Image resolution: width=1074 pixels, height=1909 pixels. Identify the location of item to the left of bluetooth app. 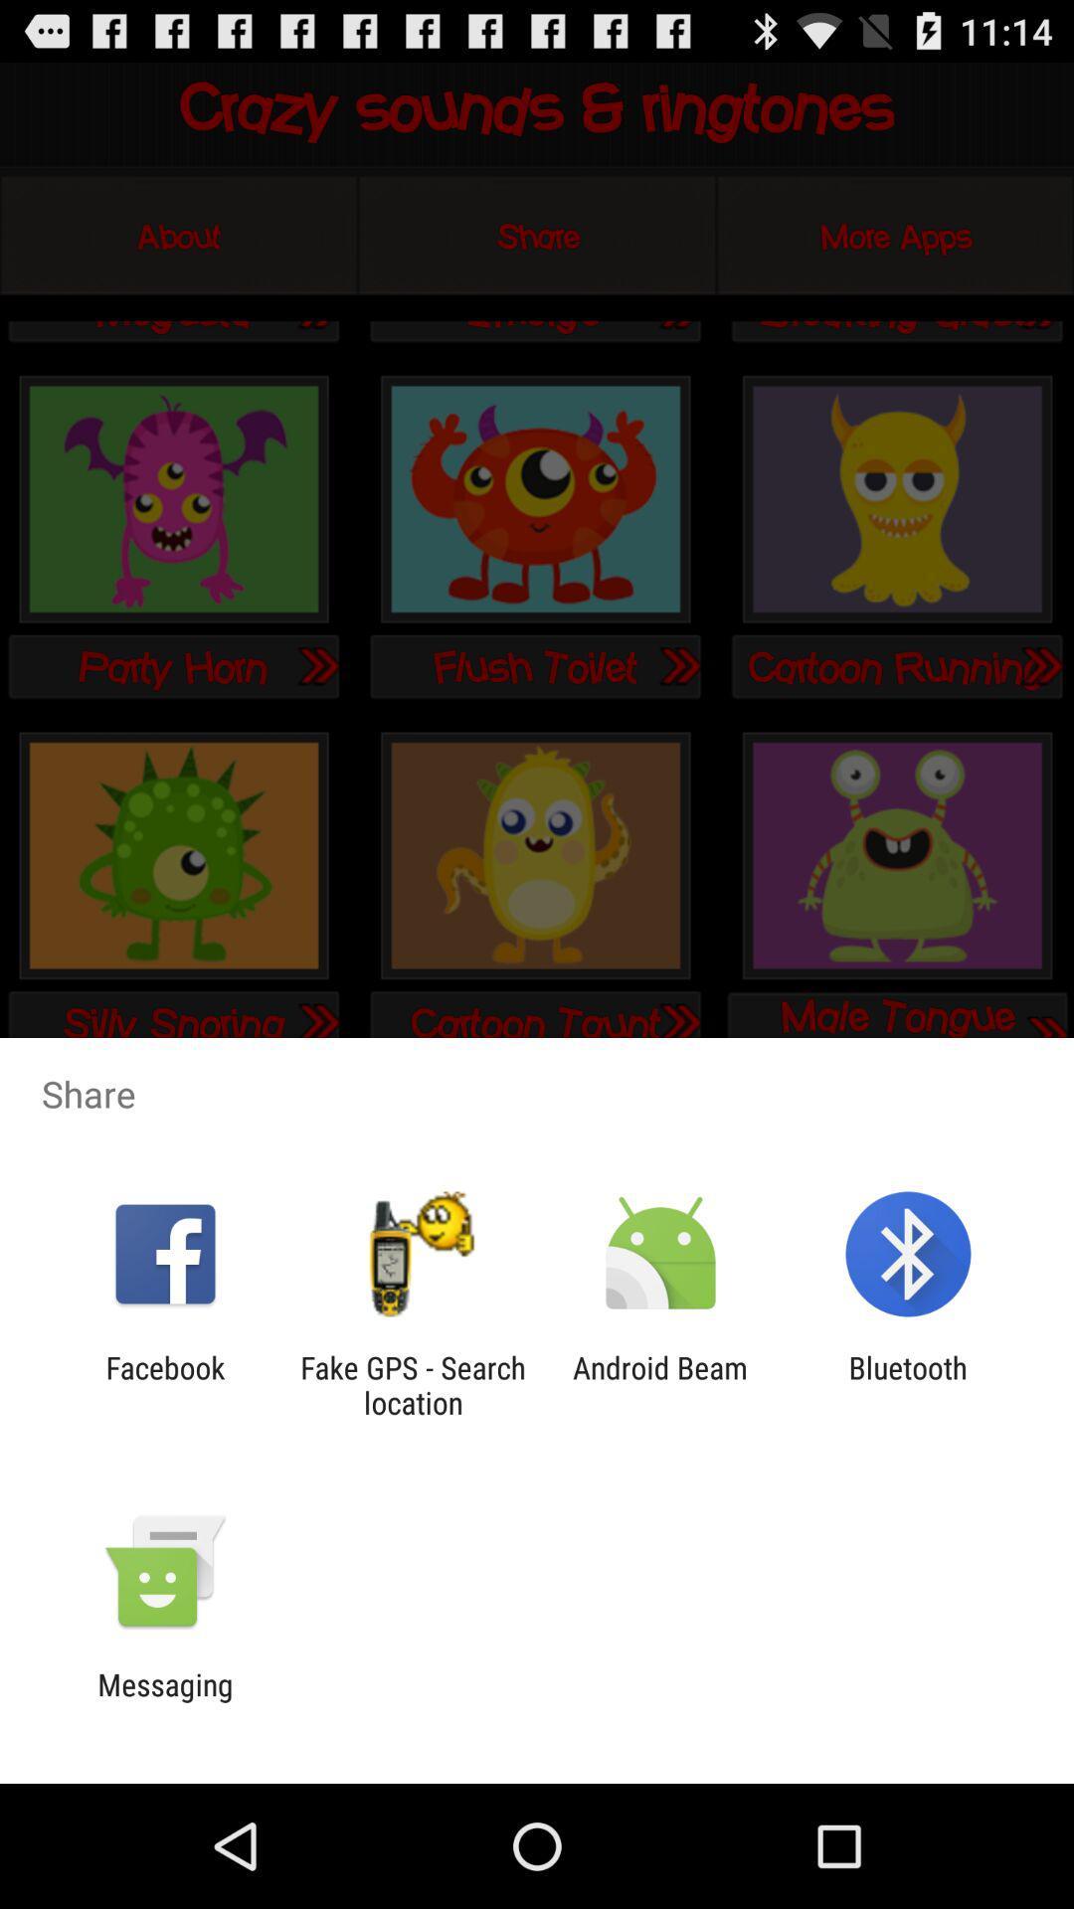
(660, 1384).